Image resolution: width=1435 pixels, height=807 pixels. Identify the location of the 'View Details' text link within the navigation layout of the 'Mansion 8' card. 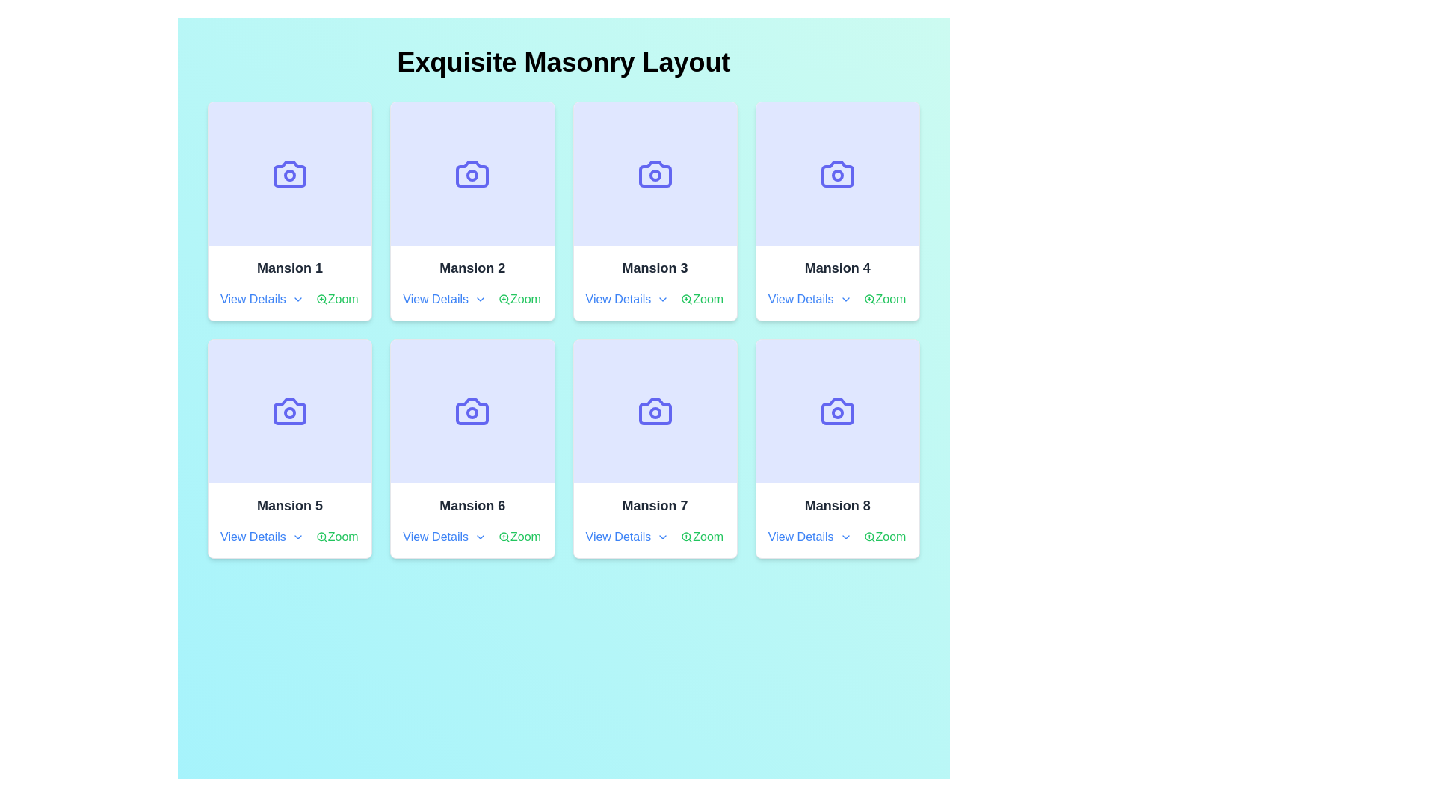
(837, 536).